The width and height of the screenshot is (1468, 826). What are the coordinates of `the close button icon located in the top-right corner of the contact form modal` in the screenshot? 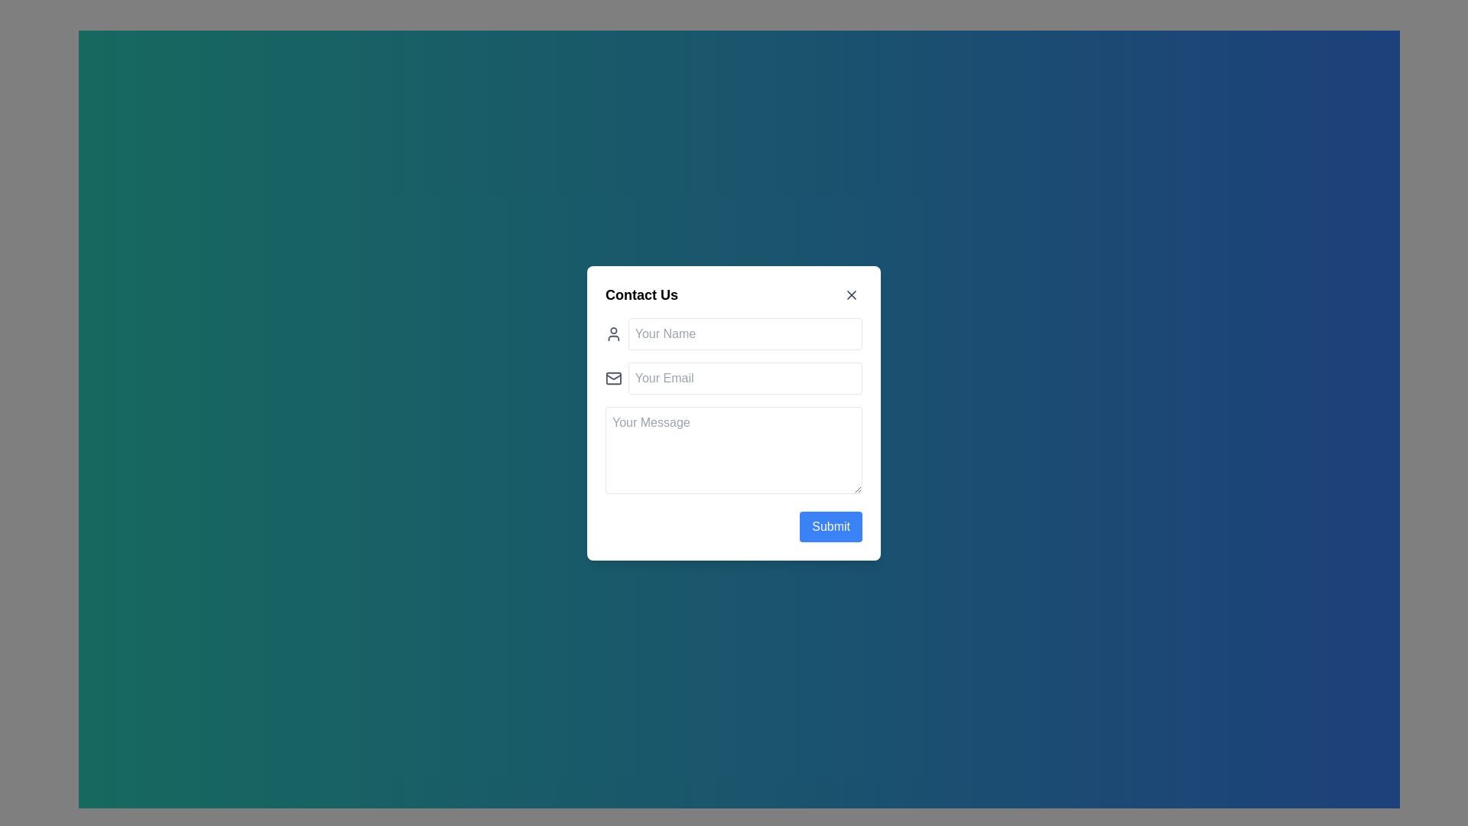 It's located at (850, 294).